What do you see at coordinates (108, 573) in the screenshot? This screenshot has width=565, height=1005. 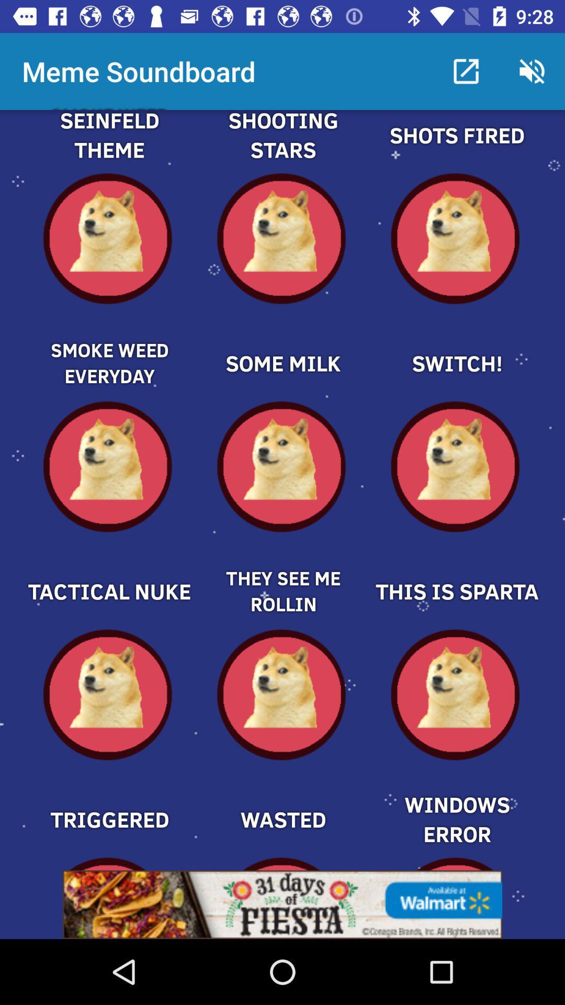 I see `to select the particular item` at bounding box center [108, 573].